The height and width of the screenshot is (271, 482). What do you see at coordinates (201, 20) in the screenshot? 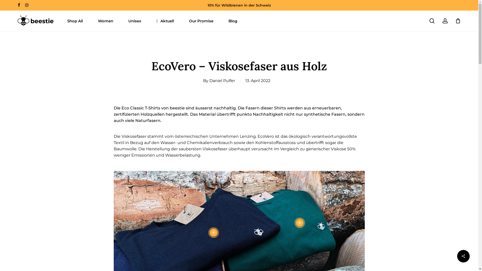
I see `'Our Promise'` at bounding box center [201, 20].